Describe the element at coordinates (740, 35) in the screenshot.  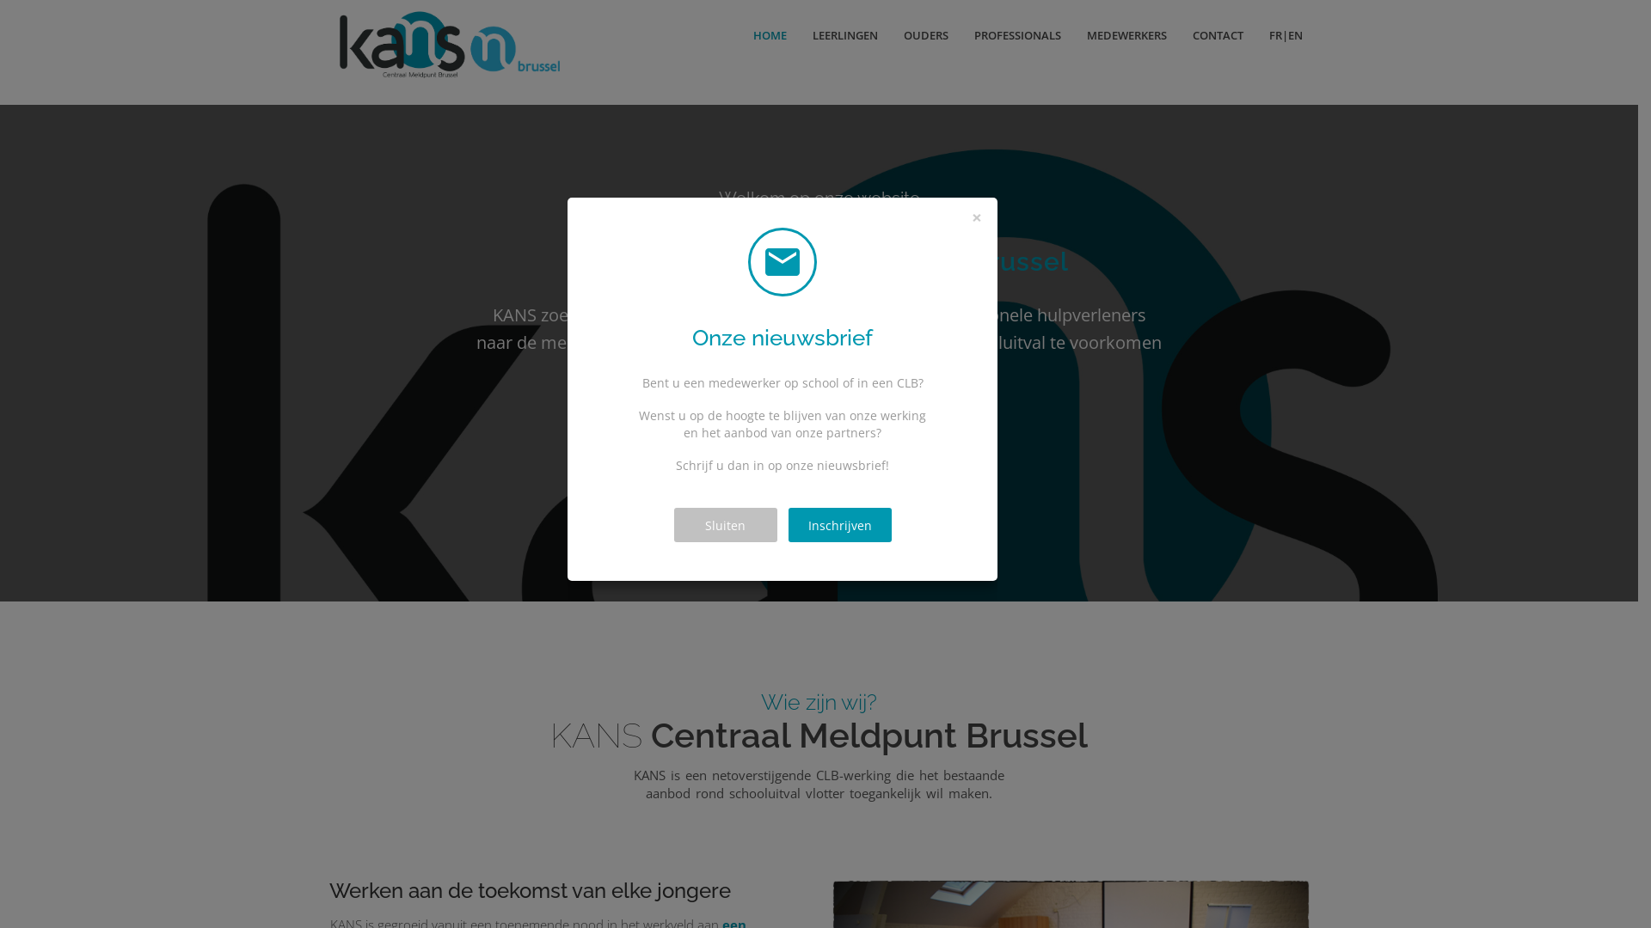
I see `'HOME'` at that location.